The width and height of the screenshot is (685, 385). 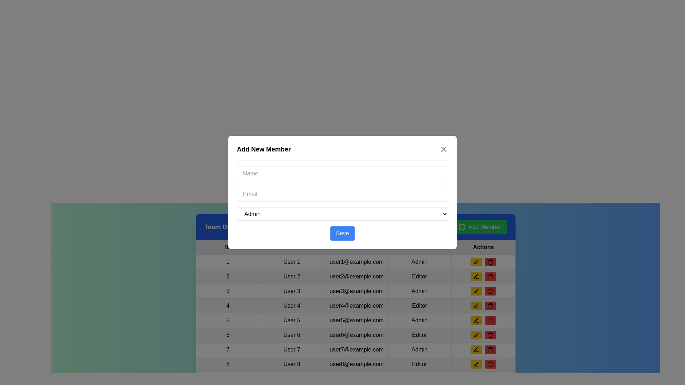 I want to click on the left button with a yellow background and a pen icon, so click(x=483, y=262).